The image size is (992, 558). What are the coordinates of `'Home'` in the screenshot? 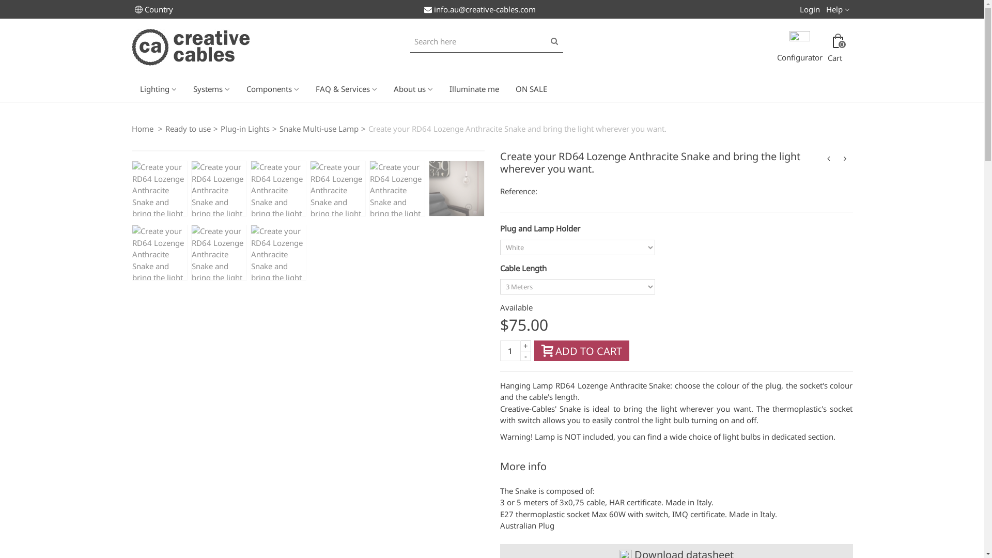 It's located at (143, 127).